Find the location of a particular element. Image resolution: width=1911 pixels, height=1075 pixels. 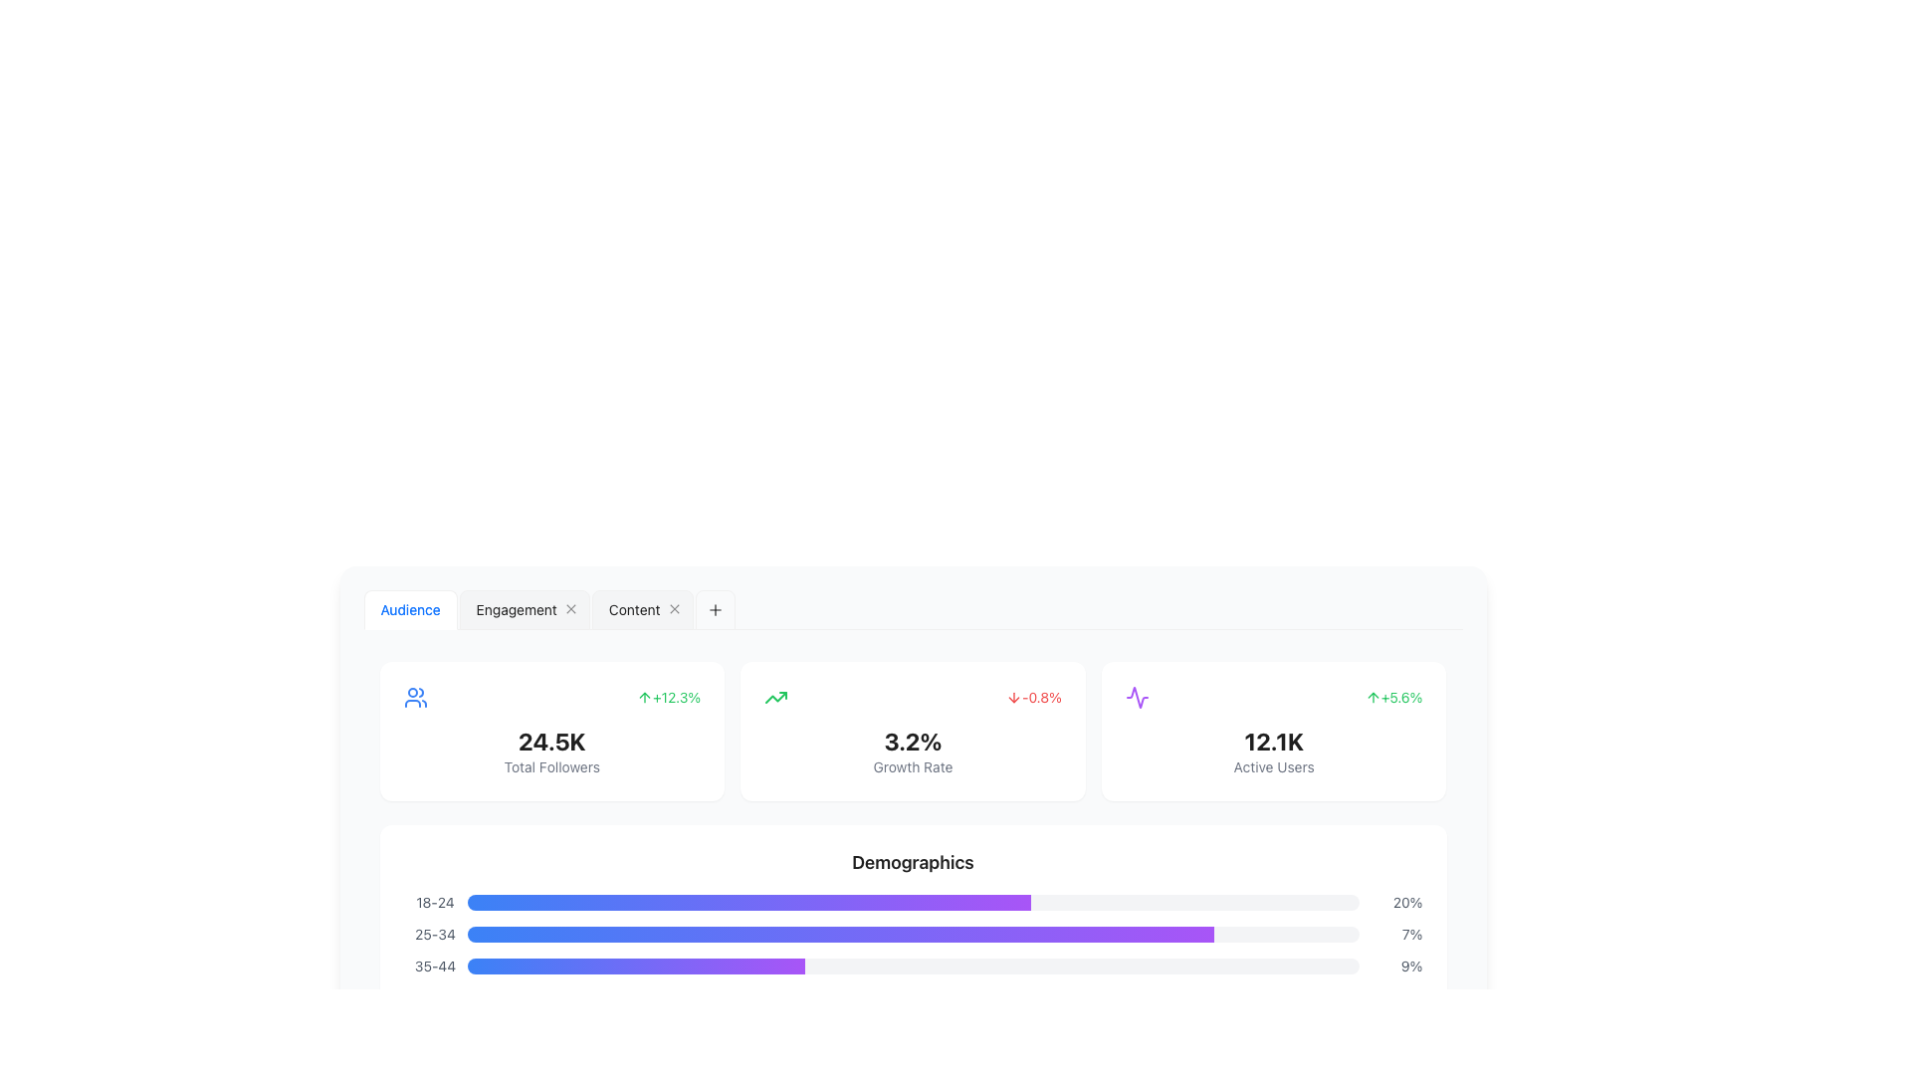

the text label specifying the age group '25-34' in the demographic analysis chart is located at coordinates (434, 934).